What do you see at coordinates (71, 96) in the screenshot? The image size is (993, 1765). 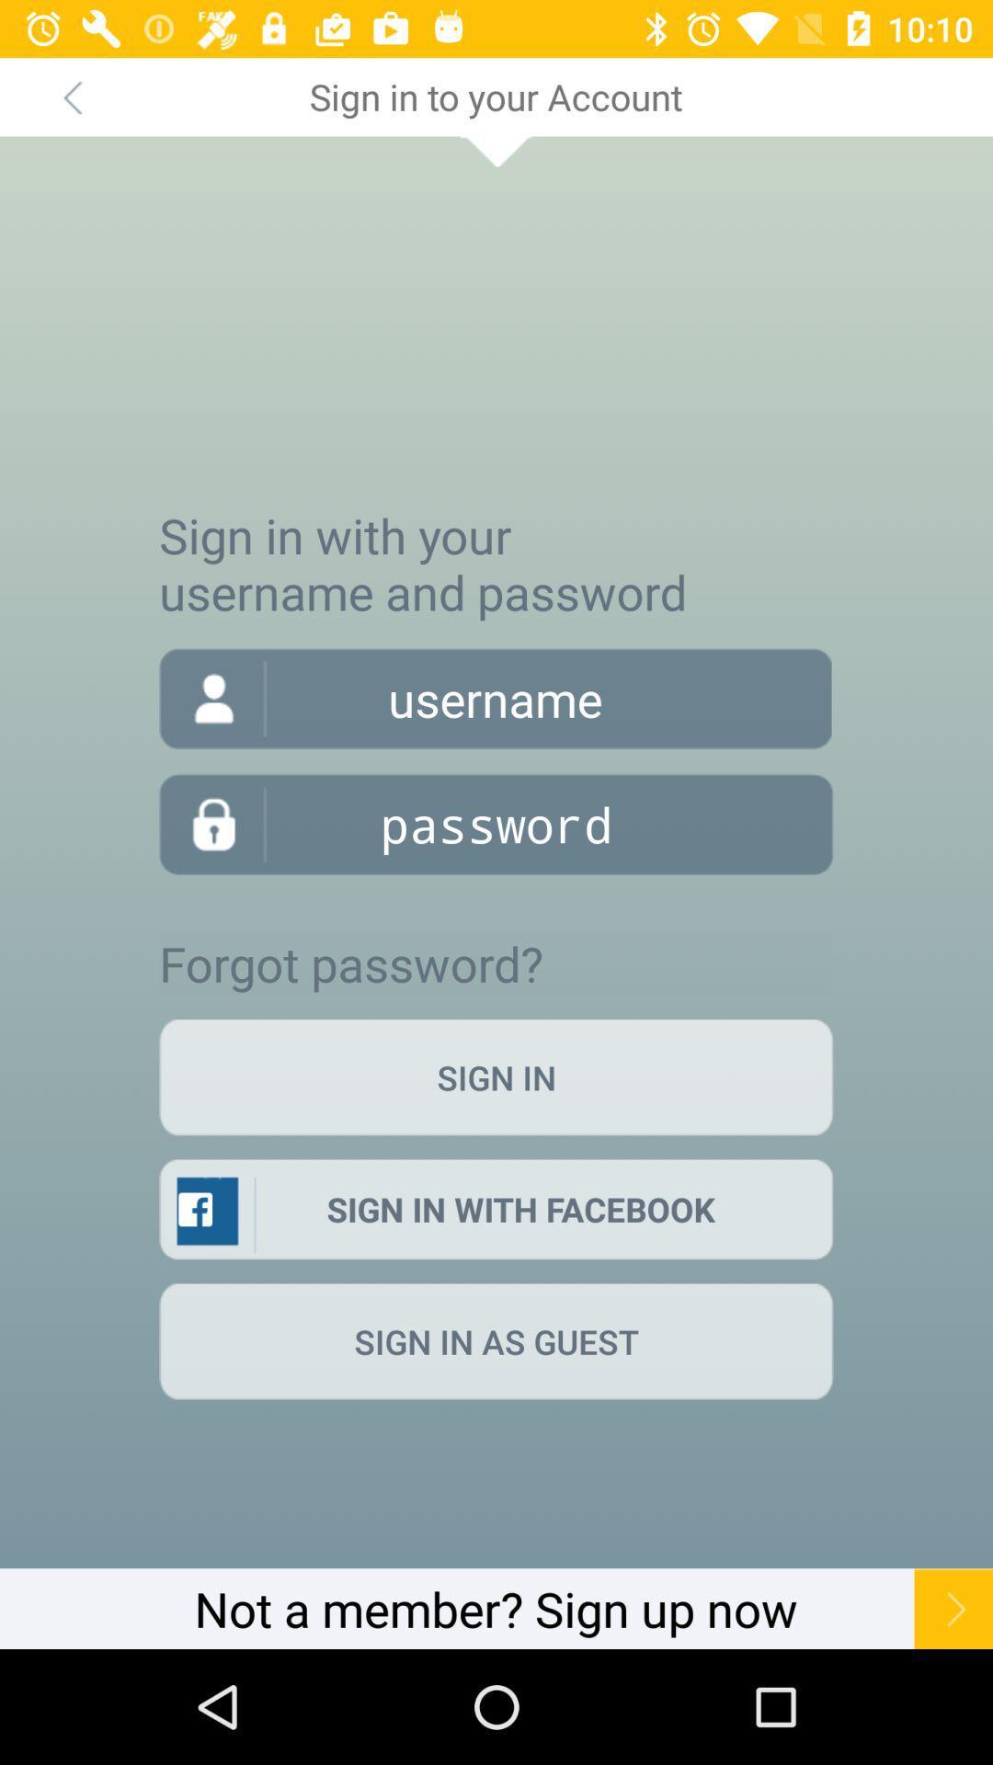 I see `the arrow_backward icon` at bounding box center [71, 96].